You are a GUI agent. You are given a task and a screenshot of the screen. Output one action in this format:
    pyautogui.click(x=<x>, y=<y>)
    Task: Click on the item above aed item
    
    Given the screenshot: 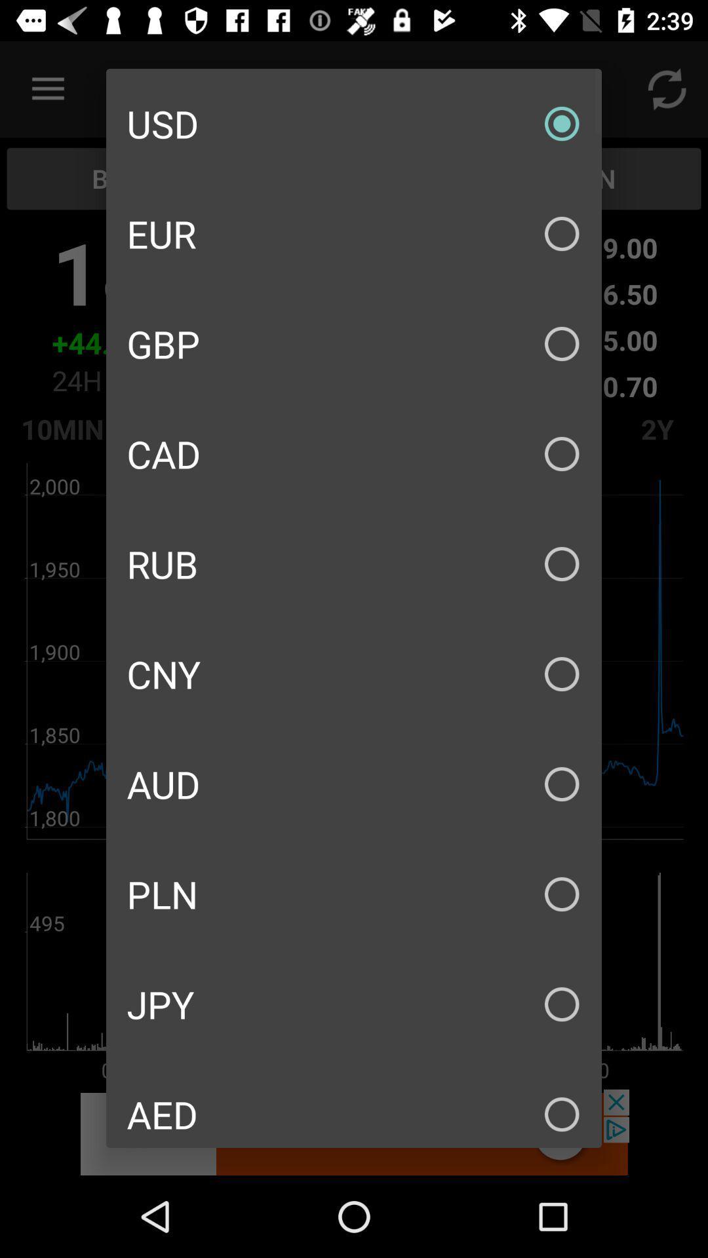 What is the action you would take?
    pyautogui.click(x=354, y=1003)
    